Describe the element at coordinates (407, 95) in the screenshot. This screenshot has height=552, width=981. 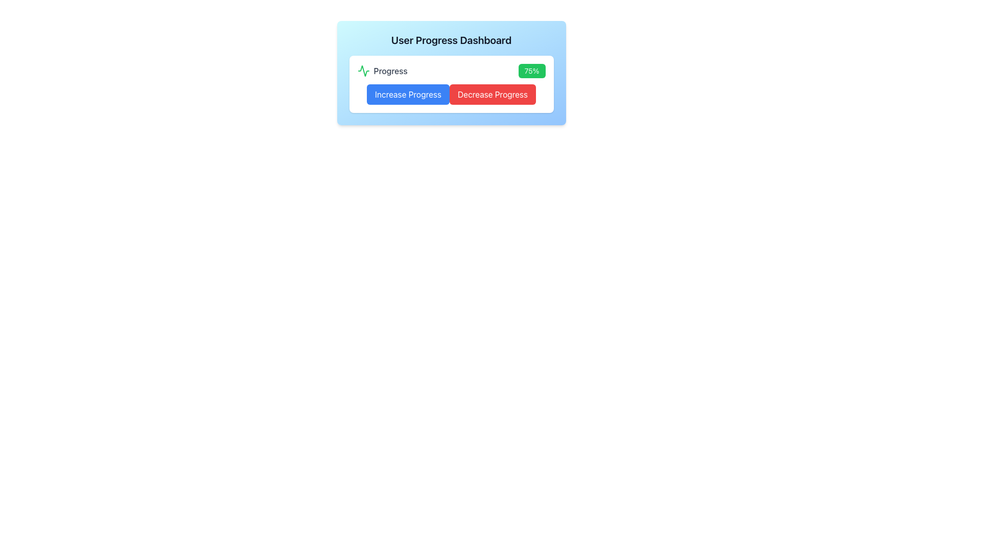
I see `the 'Increase Progress' button, which is a rounded rectangular button with a blue background and white text, located` at that location.